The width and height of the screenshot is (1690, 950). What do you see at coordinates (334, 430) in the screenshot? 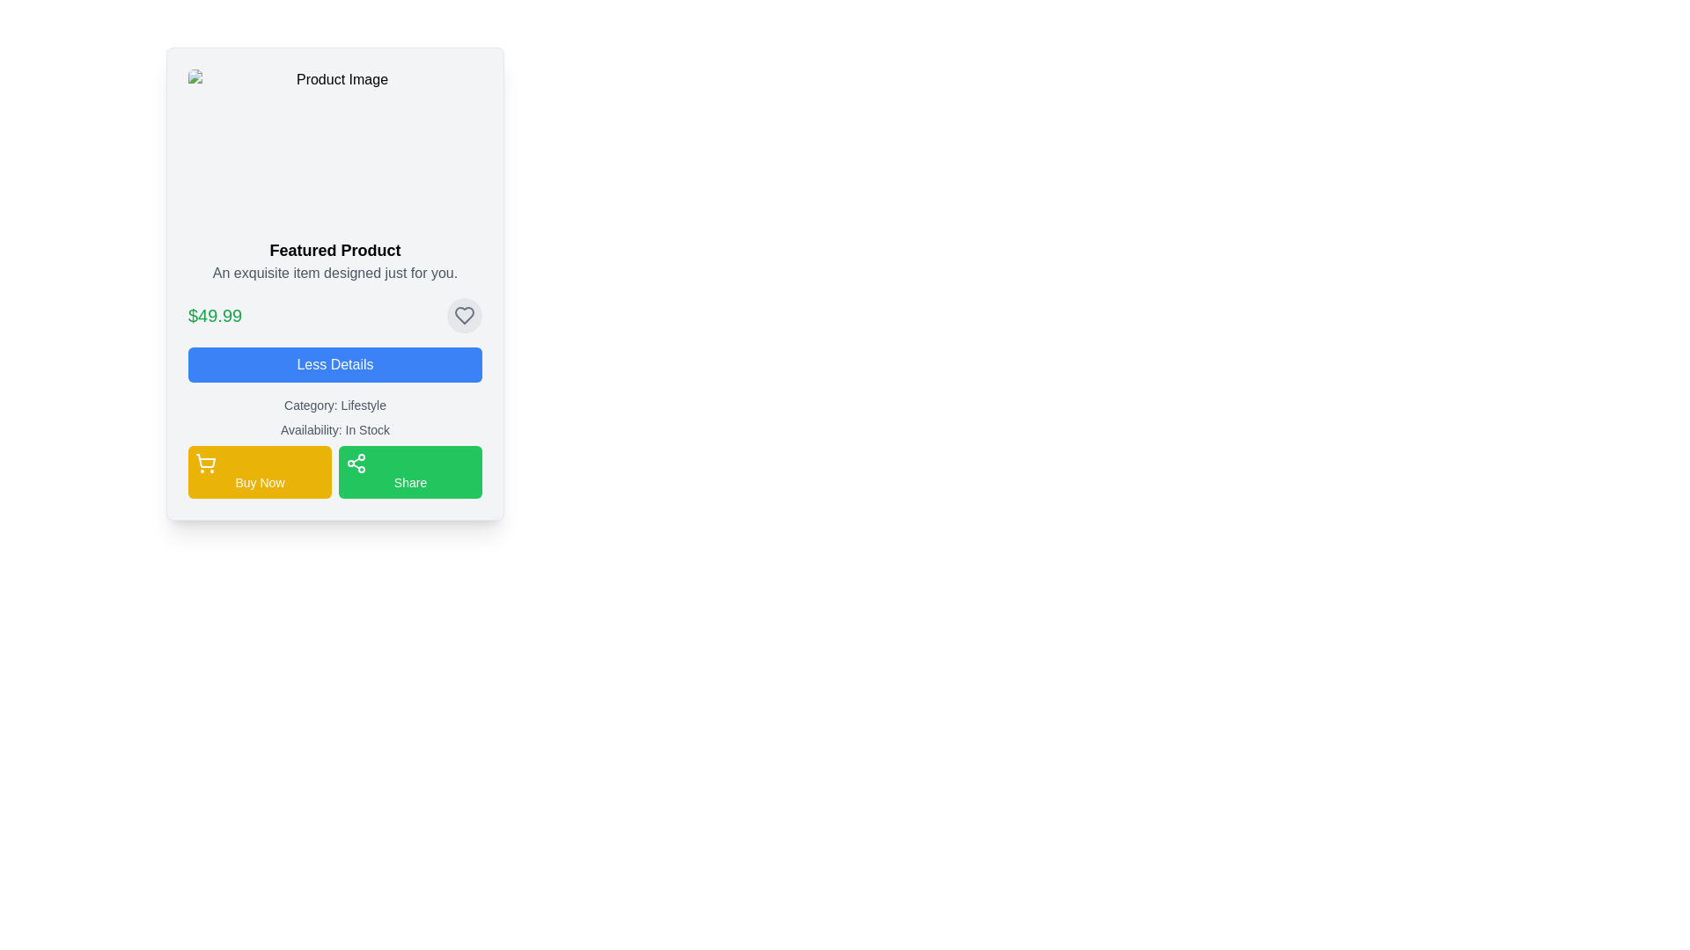
I see `the text label stating 'Availability: In Stock', which is displayed in gray and positioned between the 'Category: Lifestyle' label and the button group` at bounding box center [334, 430].